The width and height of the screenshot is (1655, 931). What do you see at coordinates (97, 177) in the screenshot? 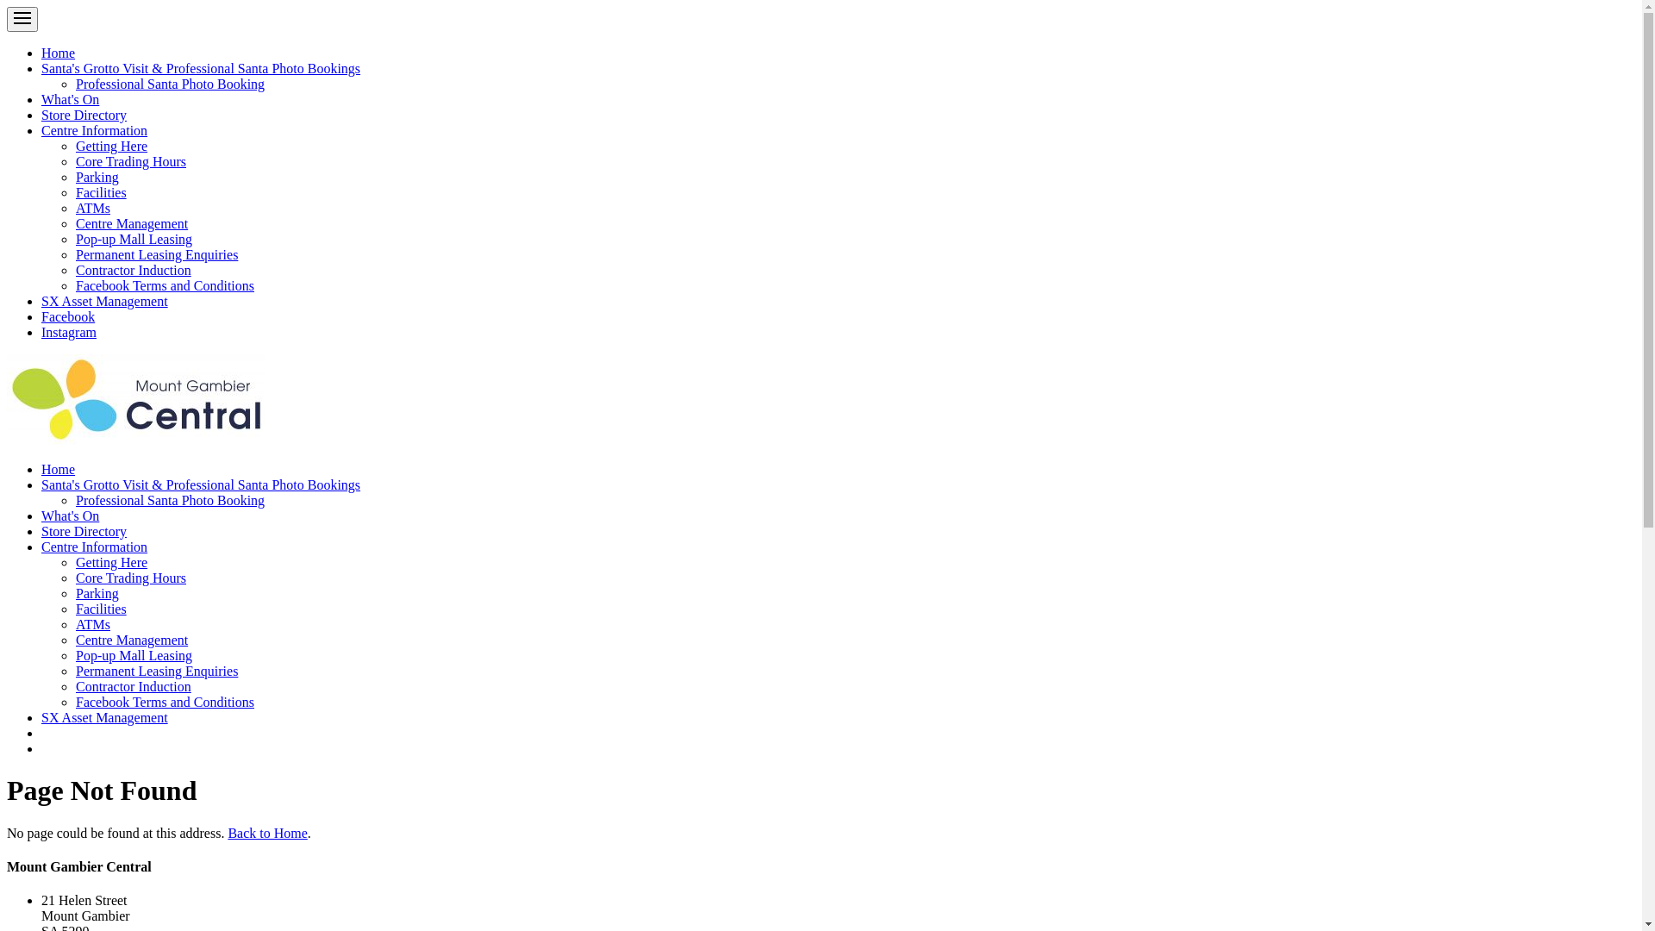
I see `'Parking'` at bounding box center [97, 177].